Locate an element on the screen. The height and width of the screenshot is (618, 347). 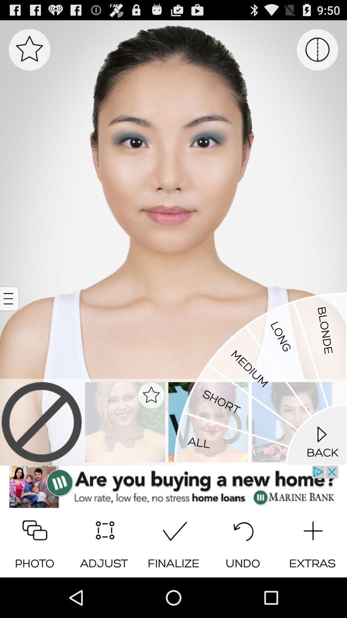
the menu icon is located at coordinates (10, 320).